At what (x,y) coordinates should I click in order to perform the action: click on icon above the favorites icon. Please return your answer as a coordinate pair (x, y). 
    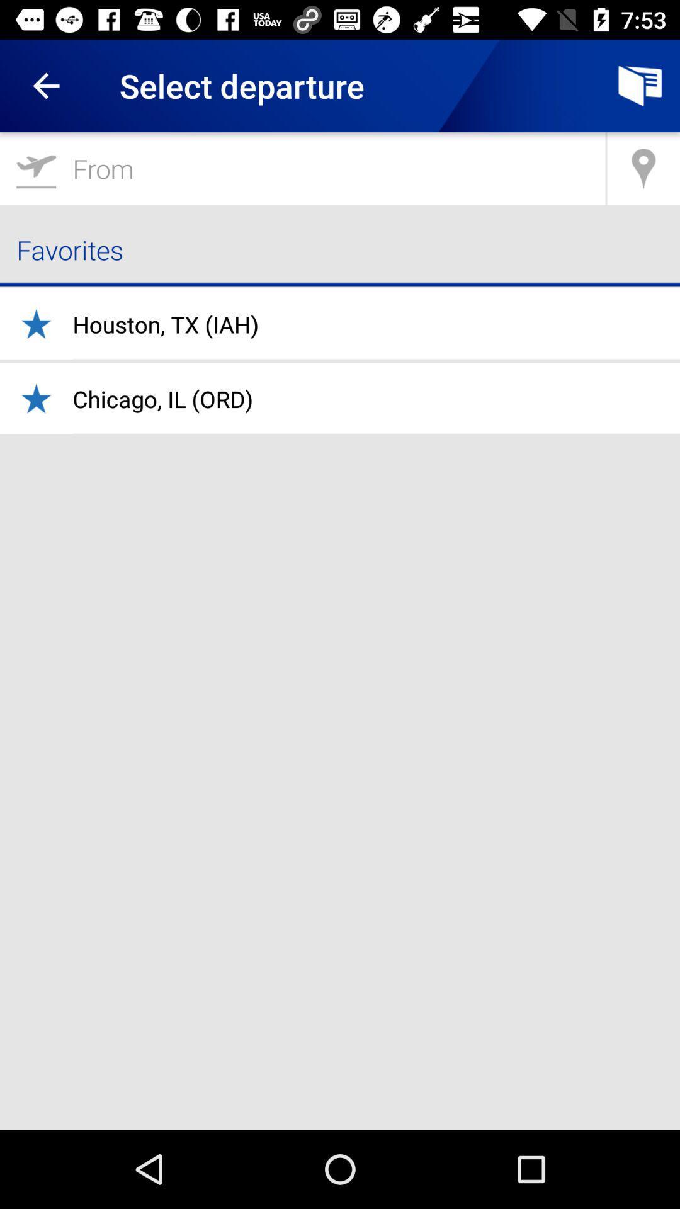
    Looking at the image, I should click on (643, 167).